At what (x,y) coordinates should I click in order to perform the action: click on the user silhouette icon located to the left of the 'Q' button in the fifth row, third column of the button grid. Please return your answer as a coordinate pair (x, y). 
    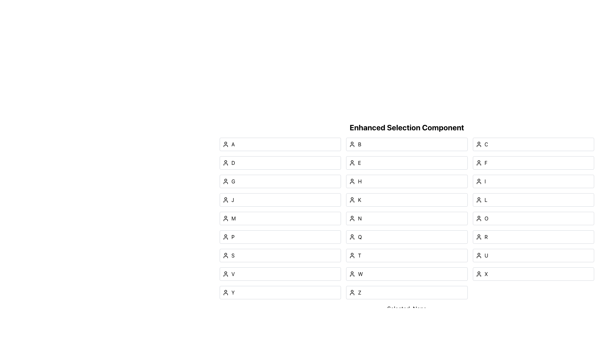
    Looking at the image, I should click on (352, 237).